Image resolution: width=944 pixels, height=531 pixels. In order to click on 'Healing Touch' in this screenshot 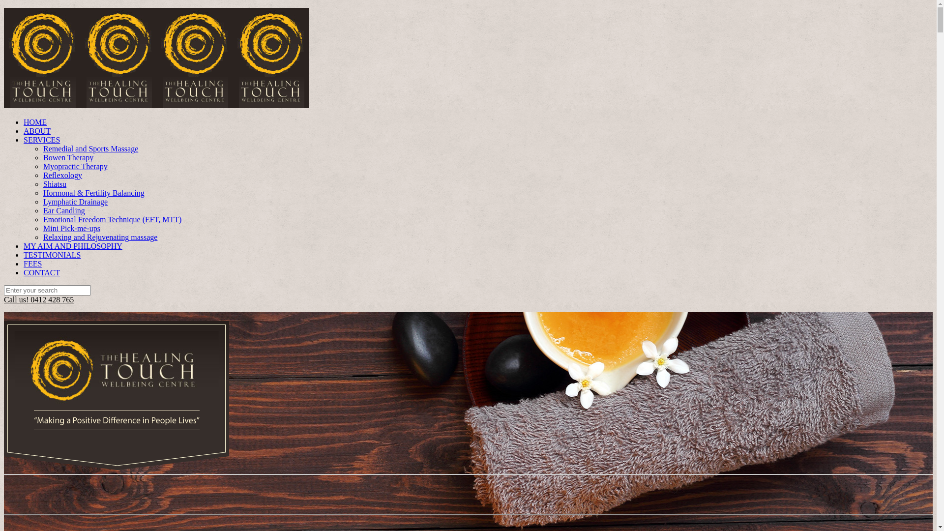, I will do `click(155, 105)`.